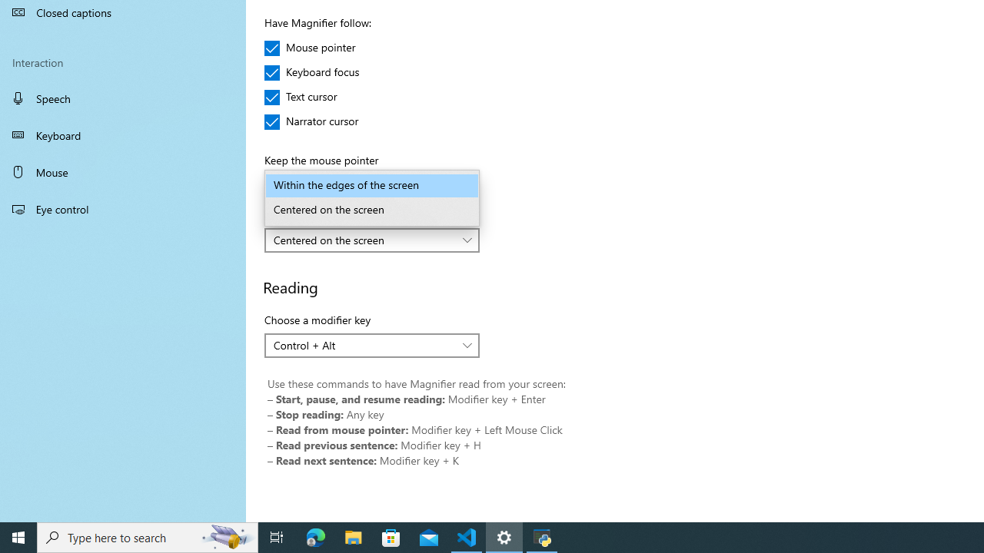 The width and height of the screenshot is (984, 553). What do you see at coordinates (353, 536) in the screenshot?
I see `'File Explorer'` at bounding box center [353, 536].